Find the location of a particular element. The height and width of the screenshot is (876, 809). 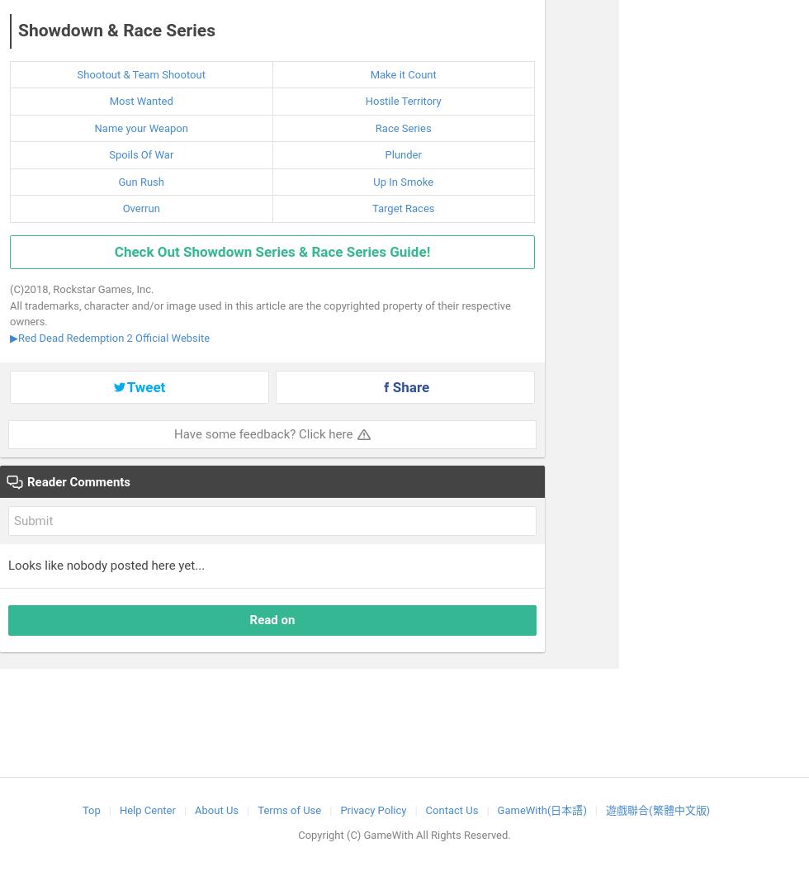

'Gun Rush' is located at coordinates (140, 180).